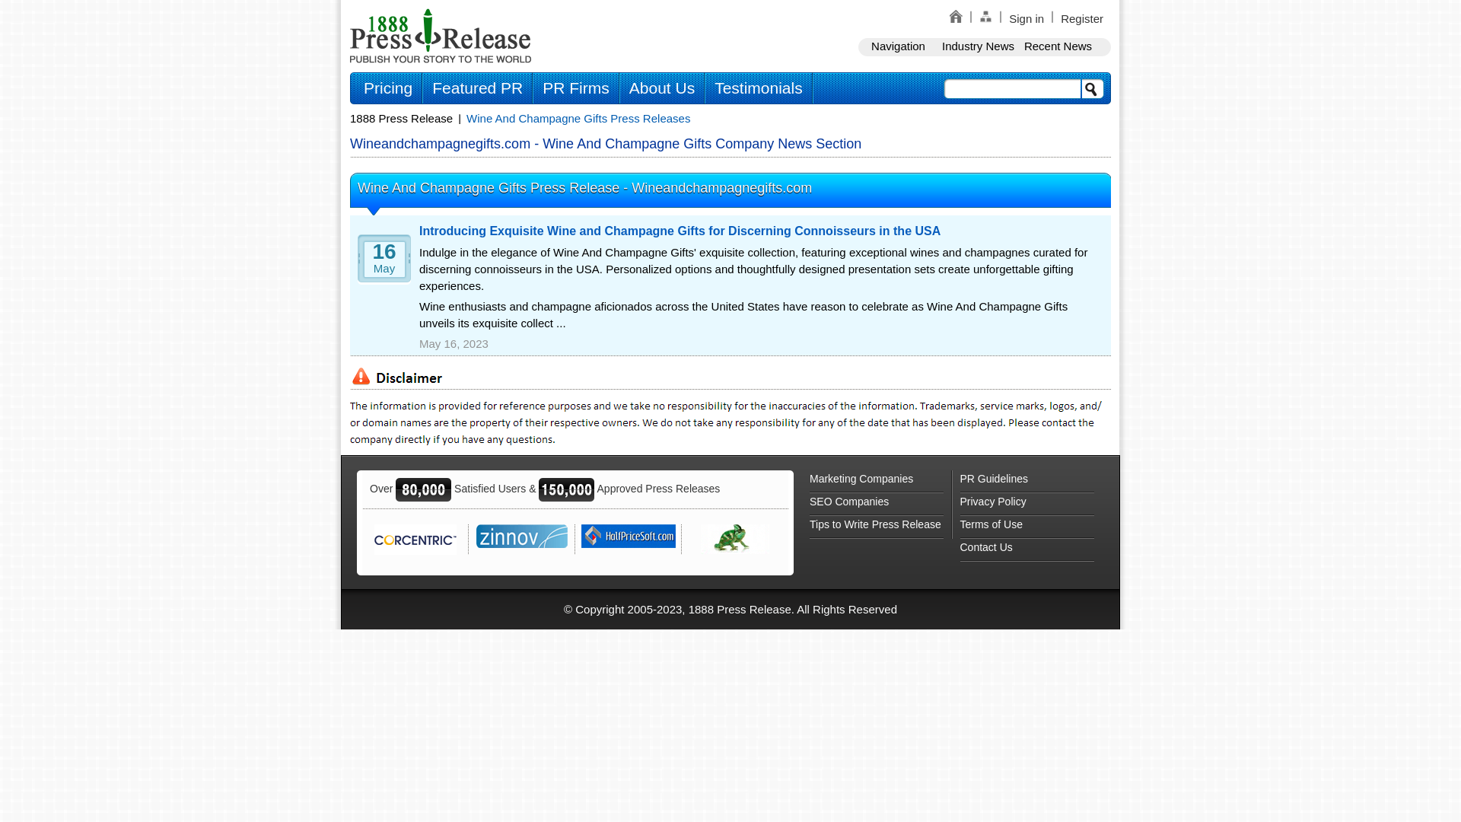 Image resolution: width=1461 pixels, height=822 pixels. I want to click on '1888 Press Release', so click(401, 117).